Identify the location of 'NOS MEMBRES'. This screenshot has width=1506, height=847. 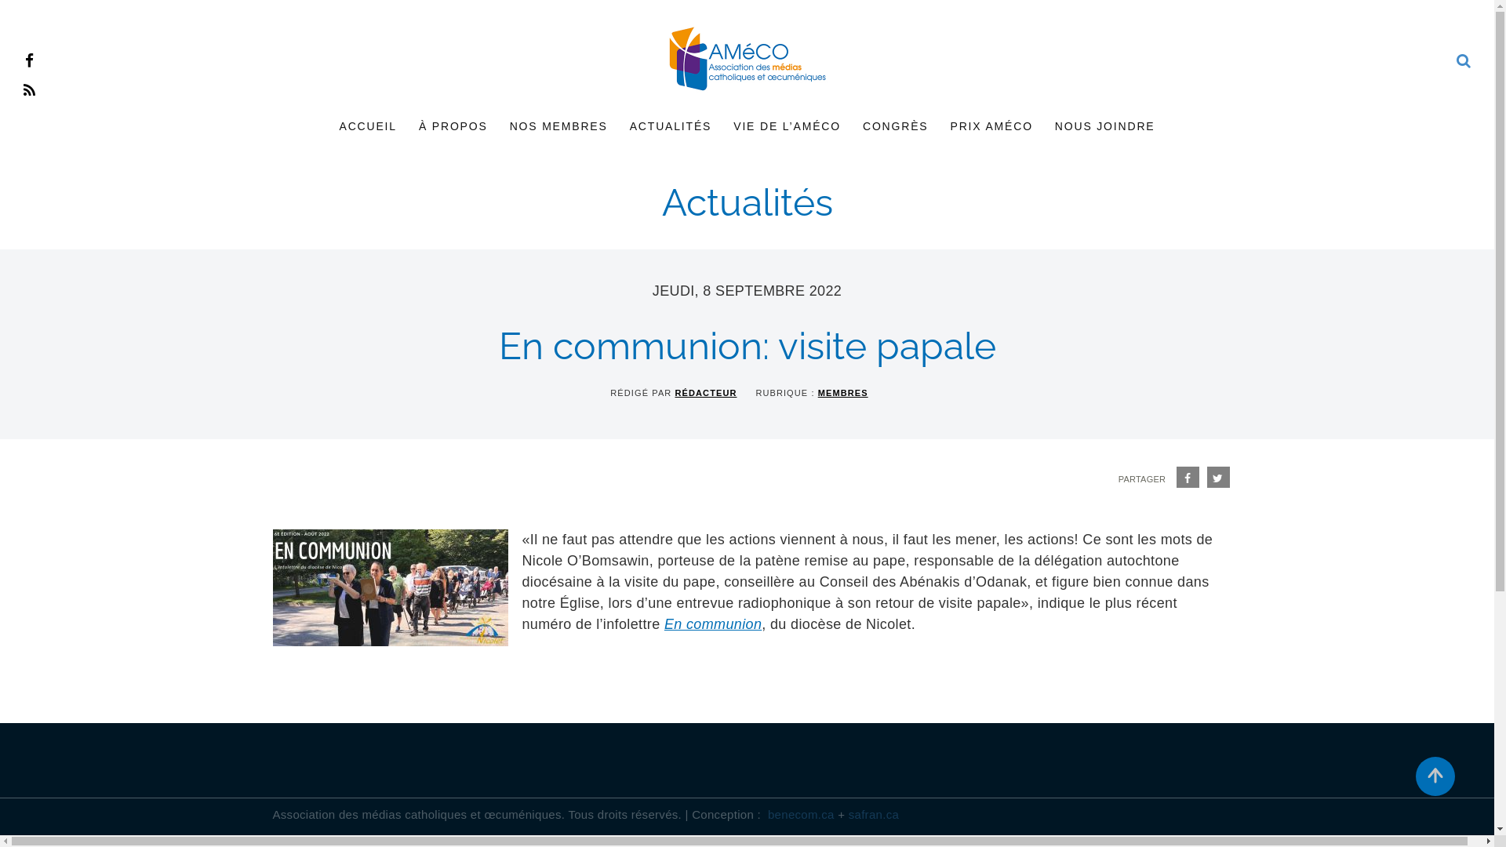
(497, 125).